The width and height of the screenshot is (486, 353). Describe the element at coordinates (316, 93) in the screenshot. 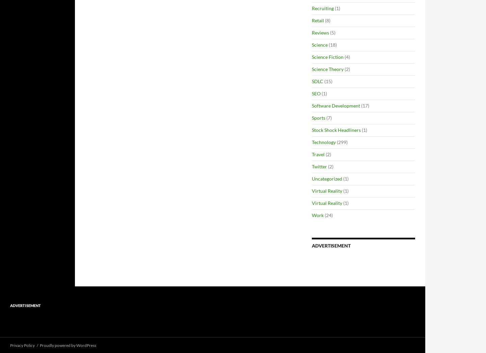

I see `'SEO'` at that location.